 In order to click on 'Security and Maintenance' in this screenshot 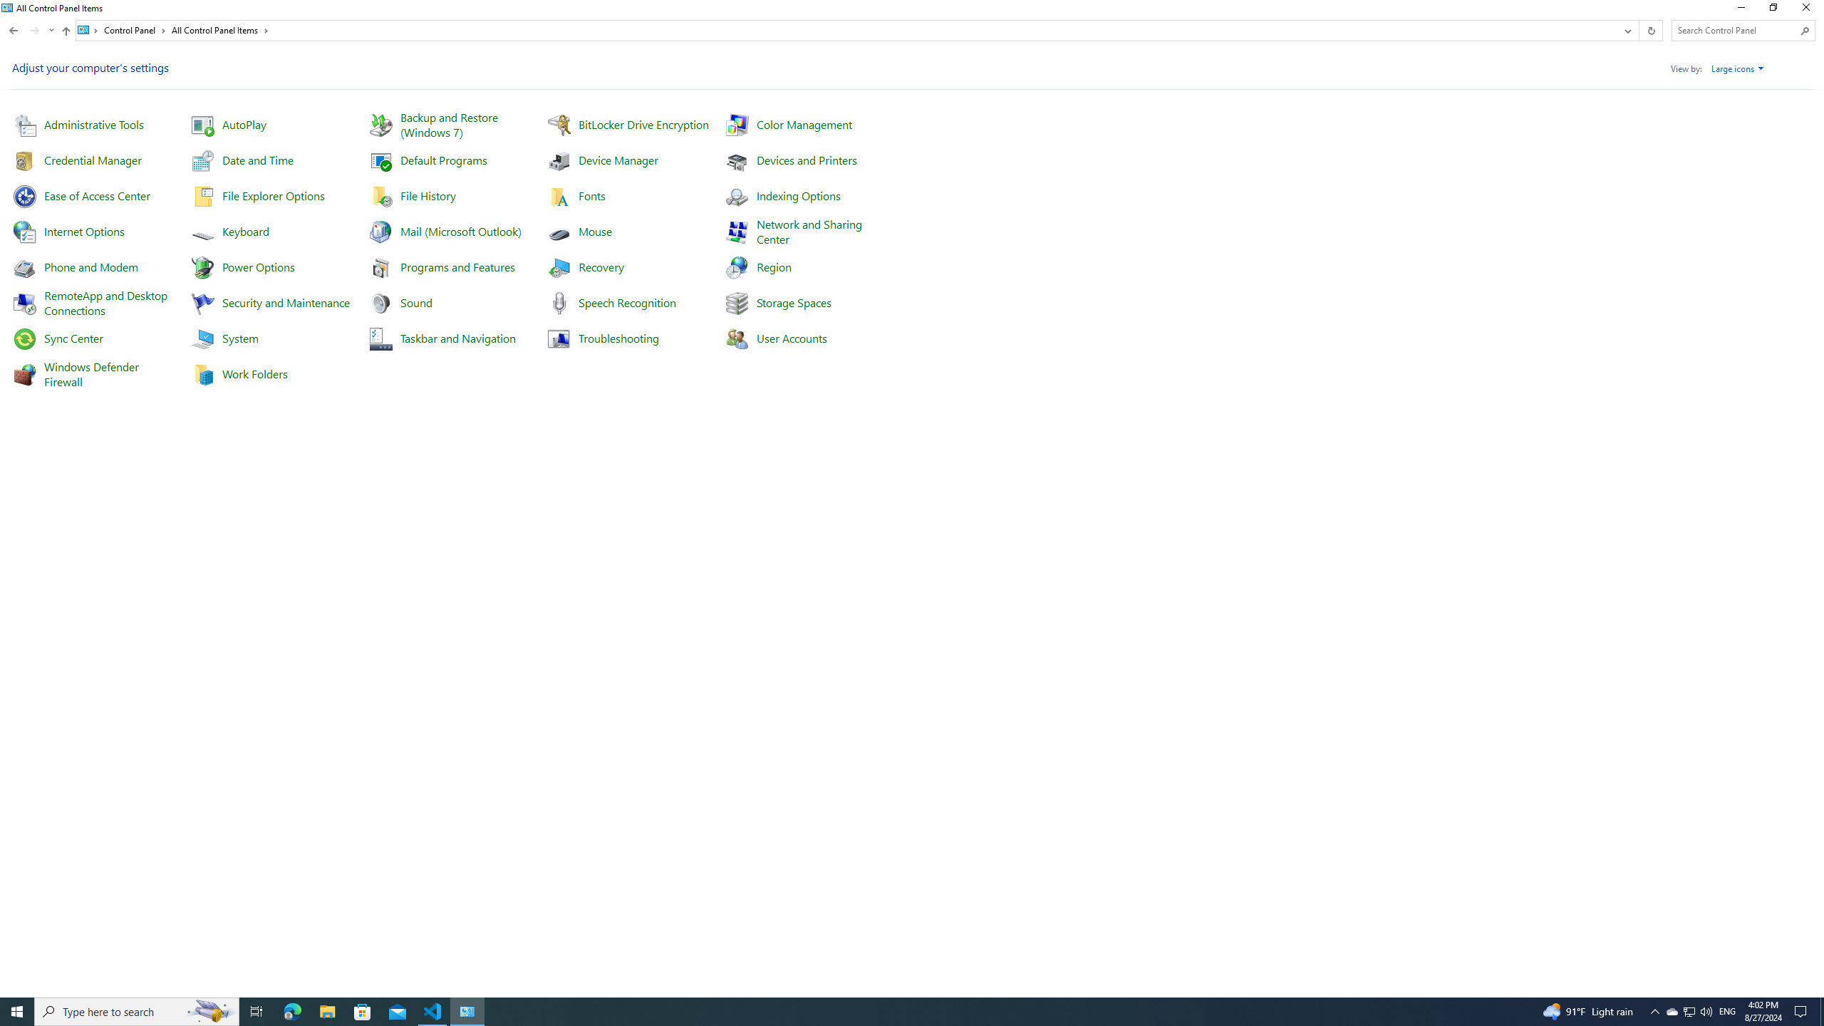, I will do `click(285, 302)`.